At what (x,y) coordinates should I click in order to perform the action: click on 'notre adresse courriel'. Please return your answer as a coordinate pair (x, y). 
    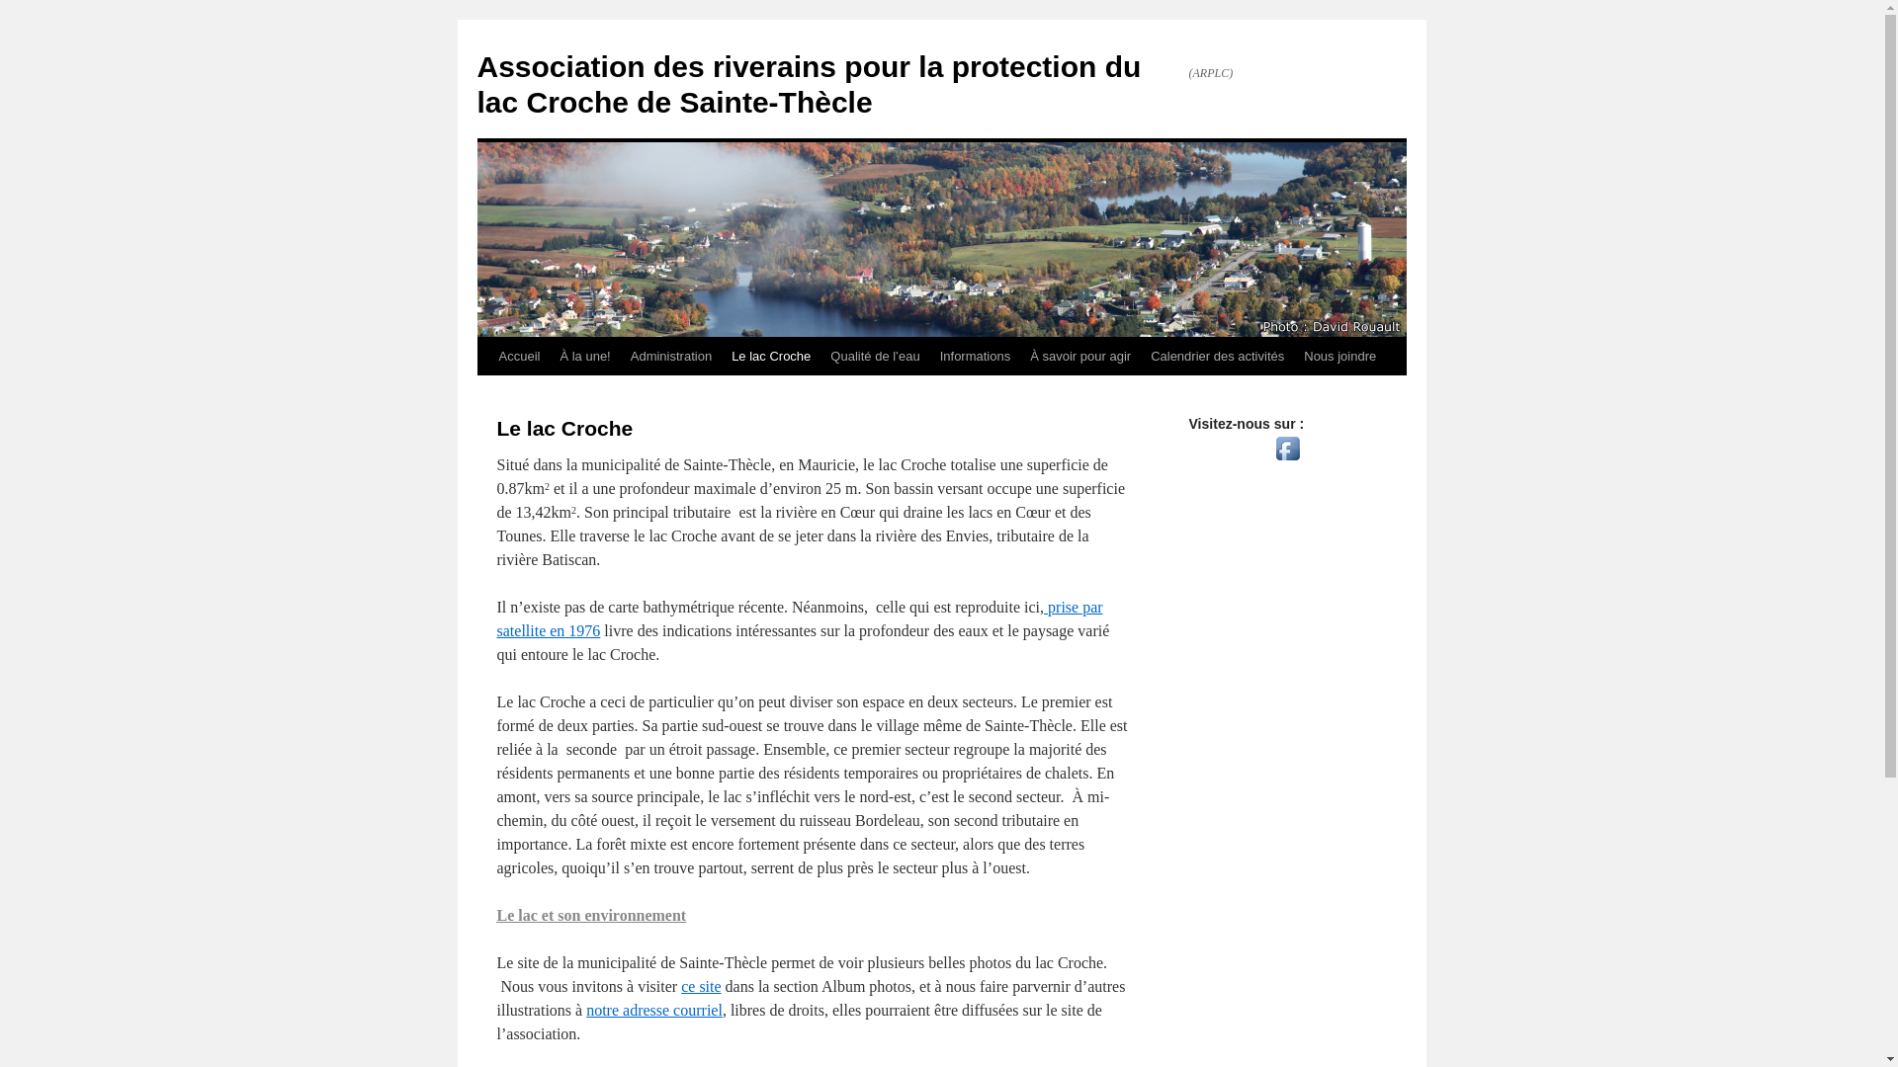
    Looking at the image, I should click on (585, 1010).